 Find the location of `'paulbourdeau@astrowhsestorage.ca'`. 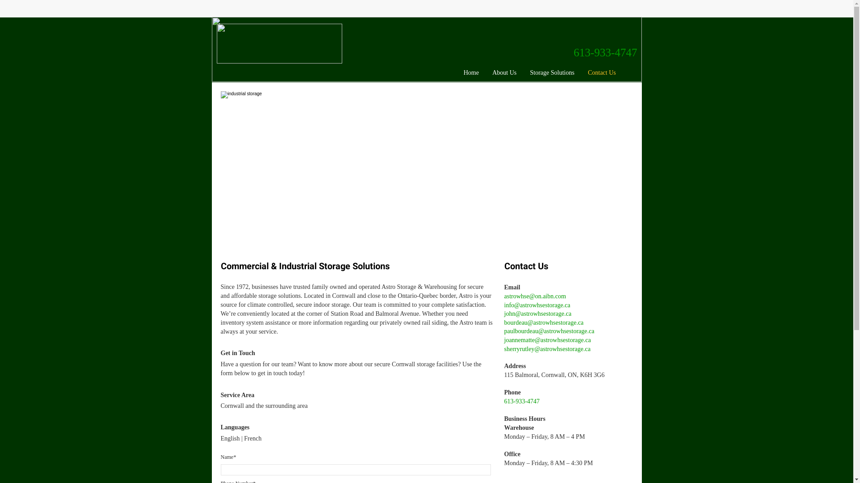

'paulbourdeau@astrowhsestorage.ca' is located at coordinates (549, 331).